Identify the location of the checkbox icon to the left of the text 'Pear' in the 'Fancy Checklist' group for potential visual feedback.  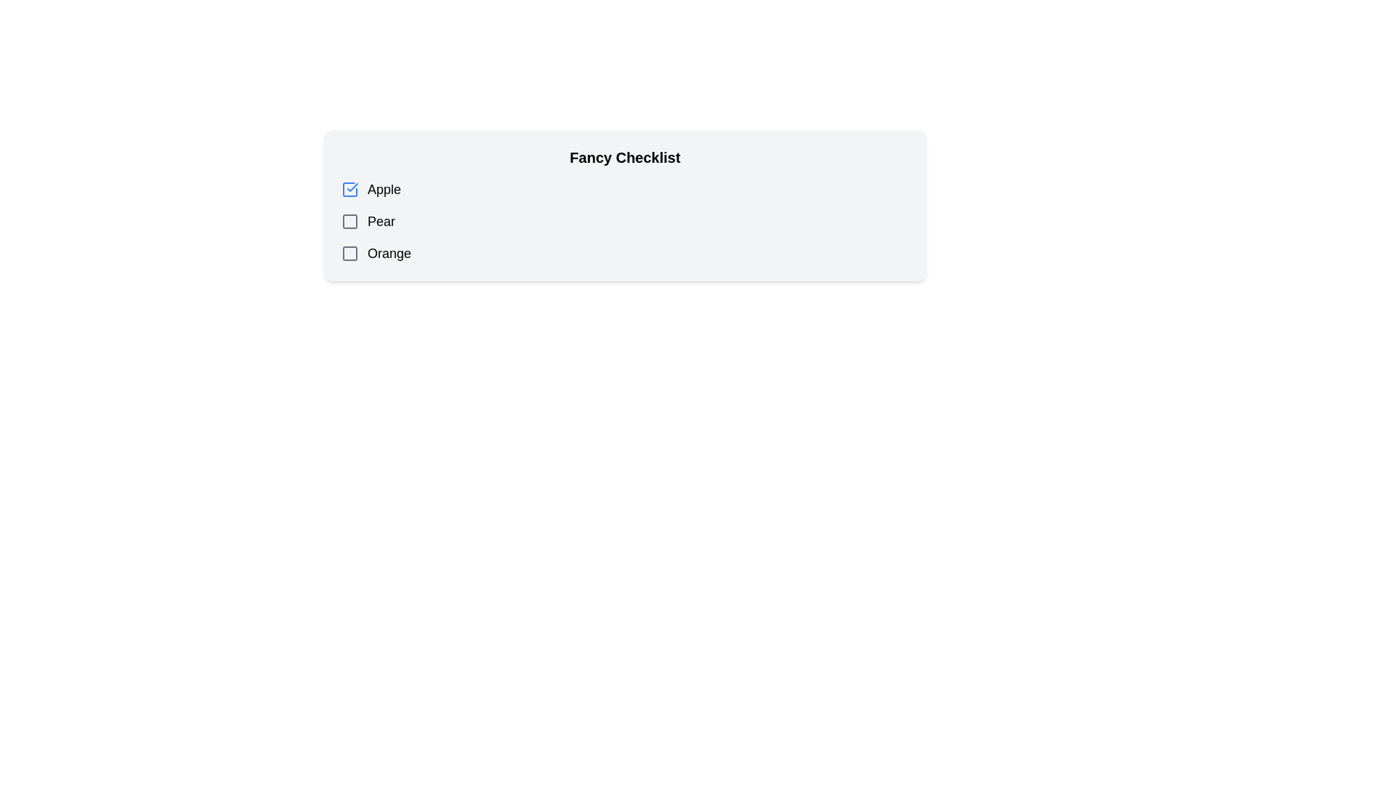
(349, 221).